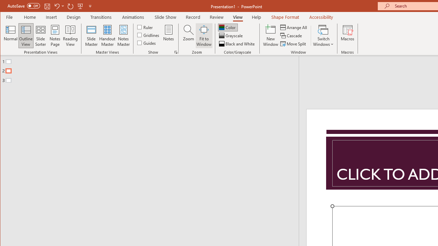  Describe the element at coordinates (292, 36) in the screenshot. I see `'Cascade'` at that location.